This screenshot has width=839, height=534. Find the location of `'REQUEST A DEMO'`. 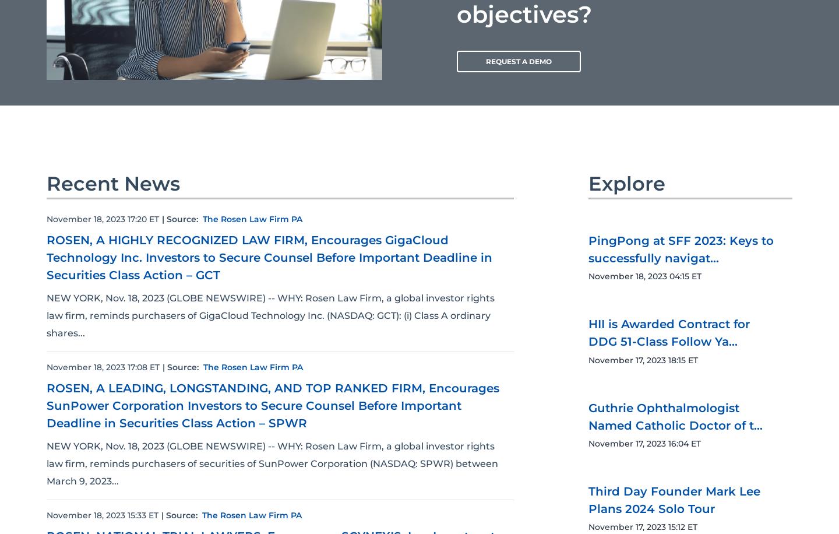

'REQUEST A DEMO' is located at coordinates (518, 61).